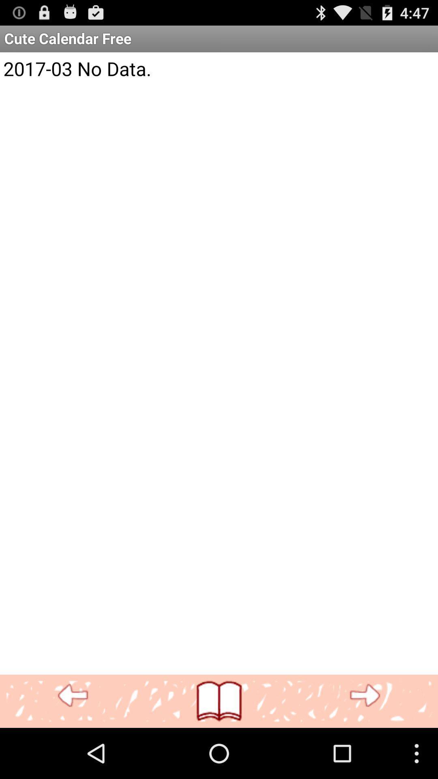 This screenshot has height=779, width=438. What do you see at coordinates (73, 695) in the screenshot?
I see `go back` at bounding box center [73, 695].